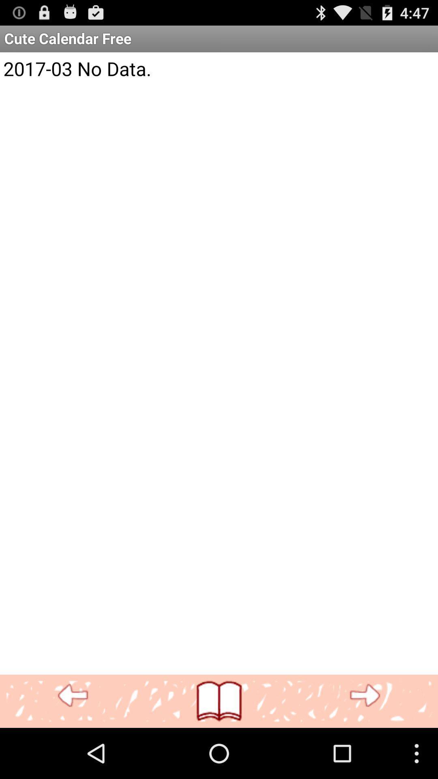 This screenshot has height=779, width=438. What do you see at coordinates (73, 695) in the screenshot?
I see `go back` at bounding box center [73, 695].